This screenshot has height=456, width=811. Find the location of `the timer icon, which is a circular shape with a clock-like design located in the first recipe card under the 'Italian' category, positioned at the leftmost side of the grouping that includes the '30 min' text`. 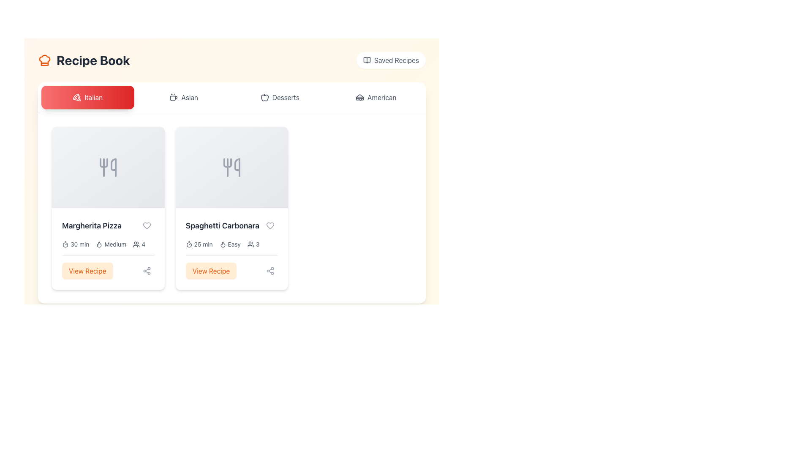

the timer icon, which is a circular shape with a clock-like design located in the first recipe card under the 'Italian' category, positioned at the leftmost side of the grouping that includes the '30 min' text is located at coordinates (65, 244).